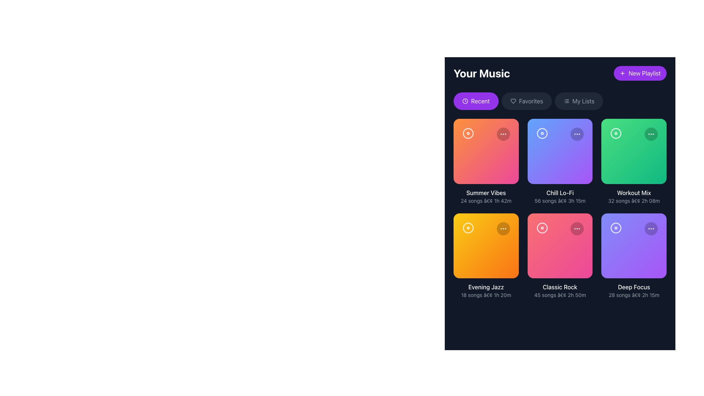  I want to click on the text label that displays the number of songs (45) and total duration (2 hours and 50 minutes) located below the 'Classic Rock' element in the playlist card, so click(560, 295).